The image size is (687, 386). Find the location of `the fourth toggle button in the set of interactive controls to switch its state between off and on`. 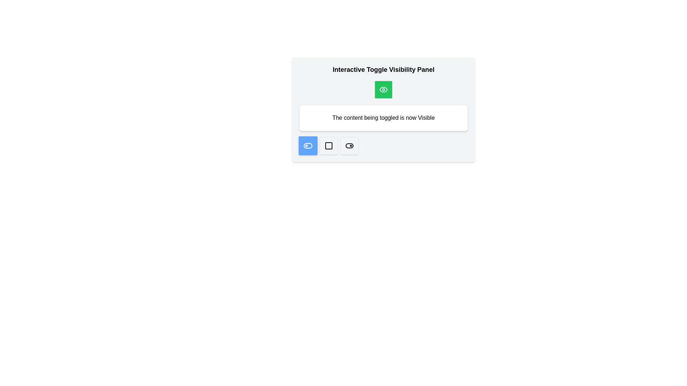

the fourth toggle button in the set of interactive controls to switch its state between off and on is located at coordinates (350, 145).